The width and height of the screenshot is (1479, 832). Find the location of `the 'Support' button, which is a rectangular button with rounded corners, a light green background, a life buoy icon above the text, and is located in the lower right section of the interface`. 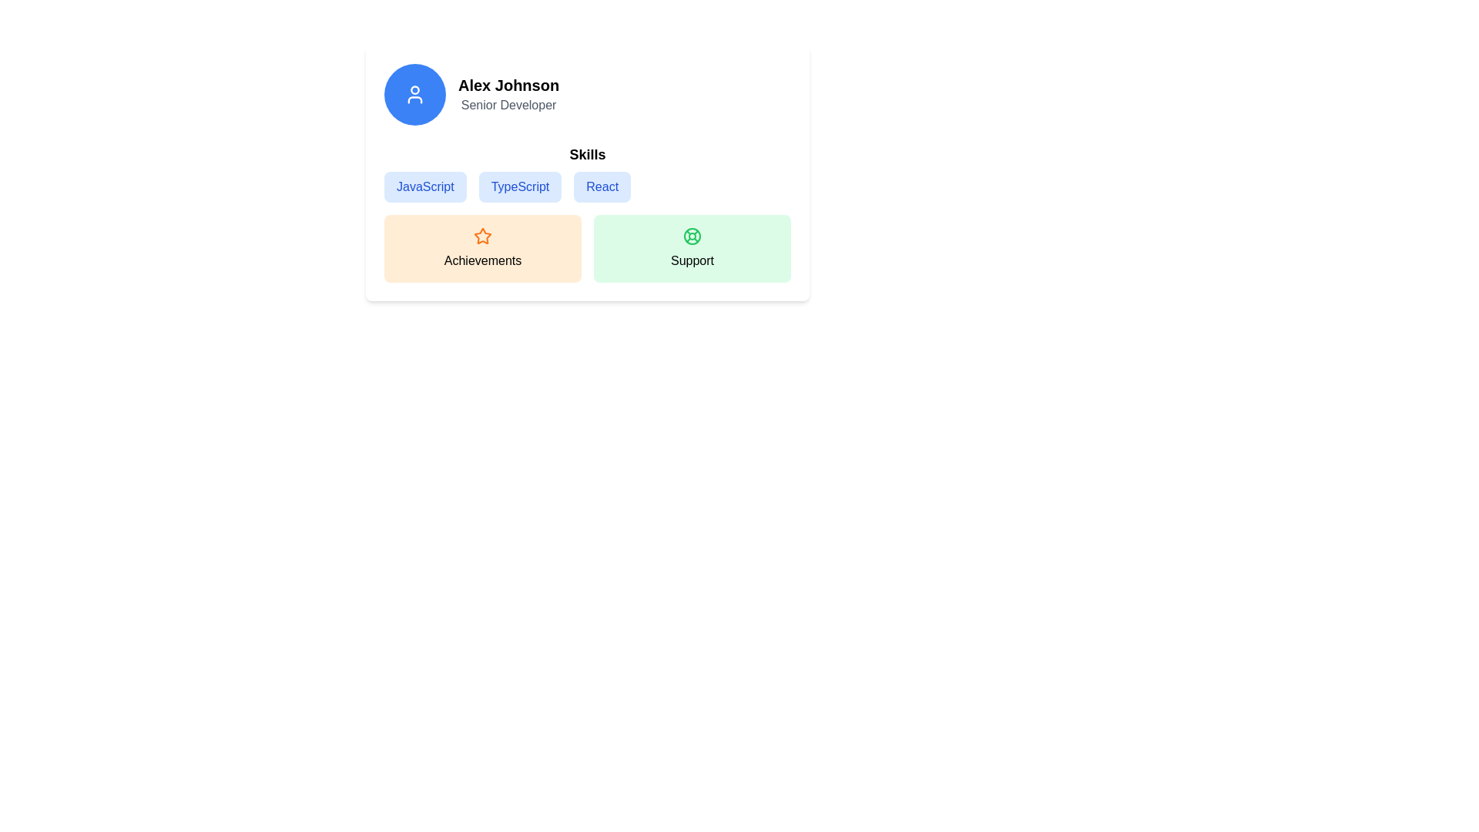

the 'Support' button, which is a rectangular button with rounded corners, a light green background, a life buoy icon above the text, and is located in the lower right section of the interface is located at coordinates (691, 248).